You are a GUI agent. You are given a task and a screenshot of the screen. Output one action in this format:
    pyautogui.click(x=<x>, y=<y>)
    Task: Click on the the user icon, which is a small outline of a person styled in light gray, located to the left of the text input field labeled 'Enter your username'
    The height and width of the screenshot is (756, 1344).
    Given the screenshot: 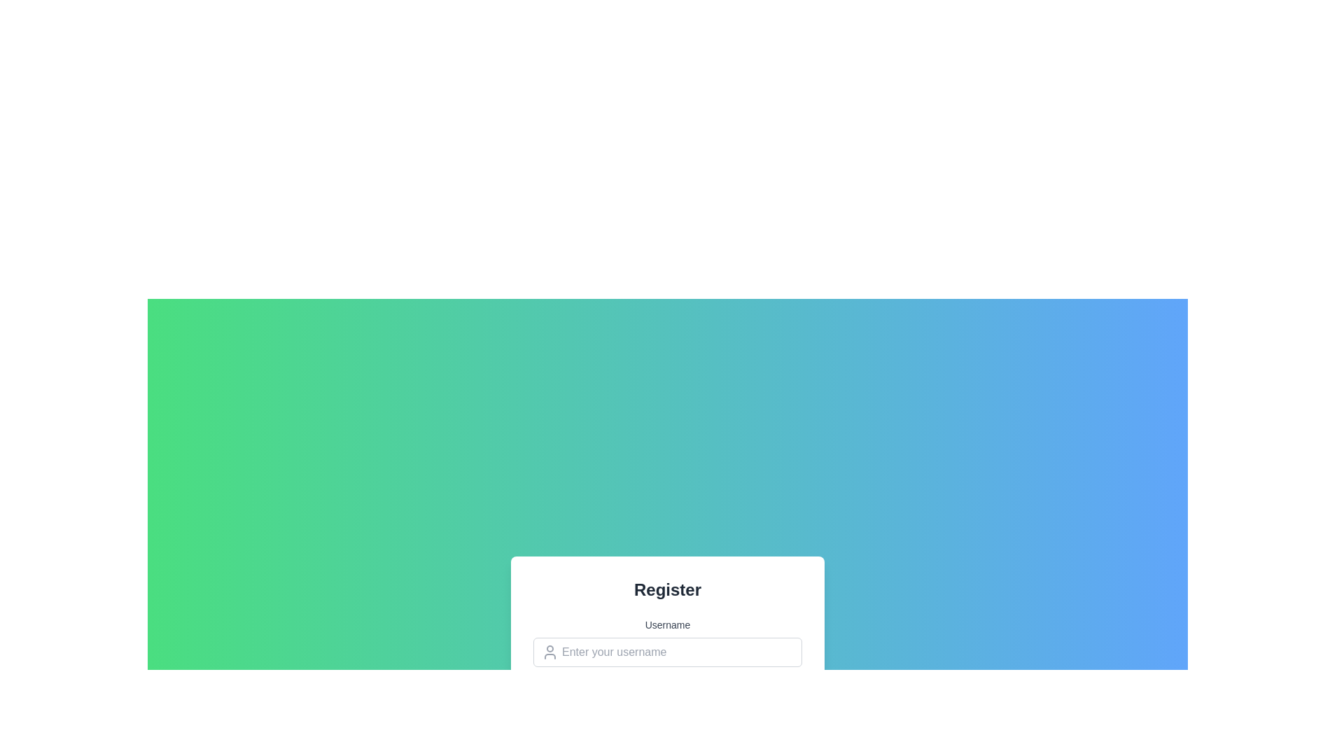 What is the action you would take?
    pyautogui.click(x=549, y=652)
    